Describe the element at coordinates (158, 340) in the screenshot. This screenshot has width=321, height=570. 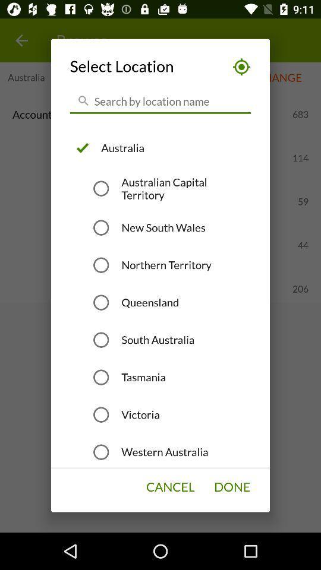
I see `south australia` at that location.